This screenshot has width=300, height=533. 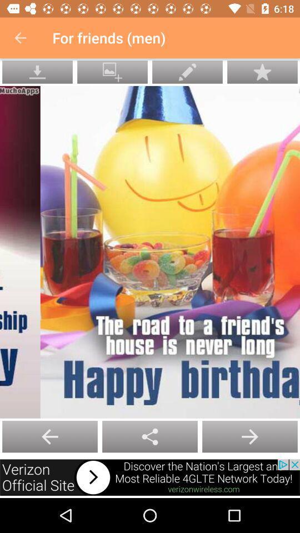 What do you see at coordinates (150, 477) in the screenshot?
I see `click the advertisement` at bounding box center [150, 477].